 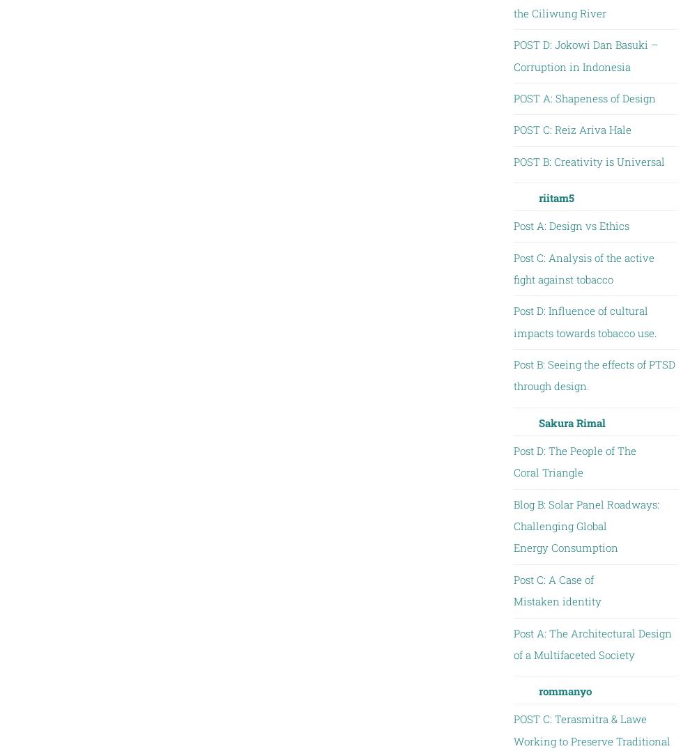 I want to click on 'POST B: Creativity is Universal', so click(x=588, y=161).